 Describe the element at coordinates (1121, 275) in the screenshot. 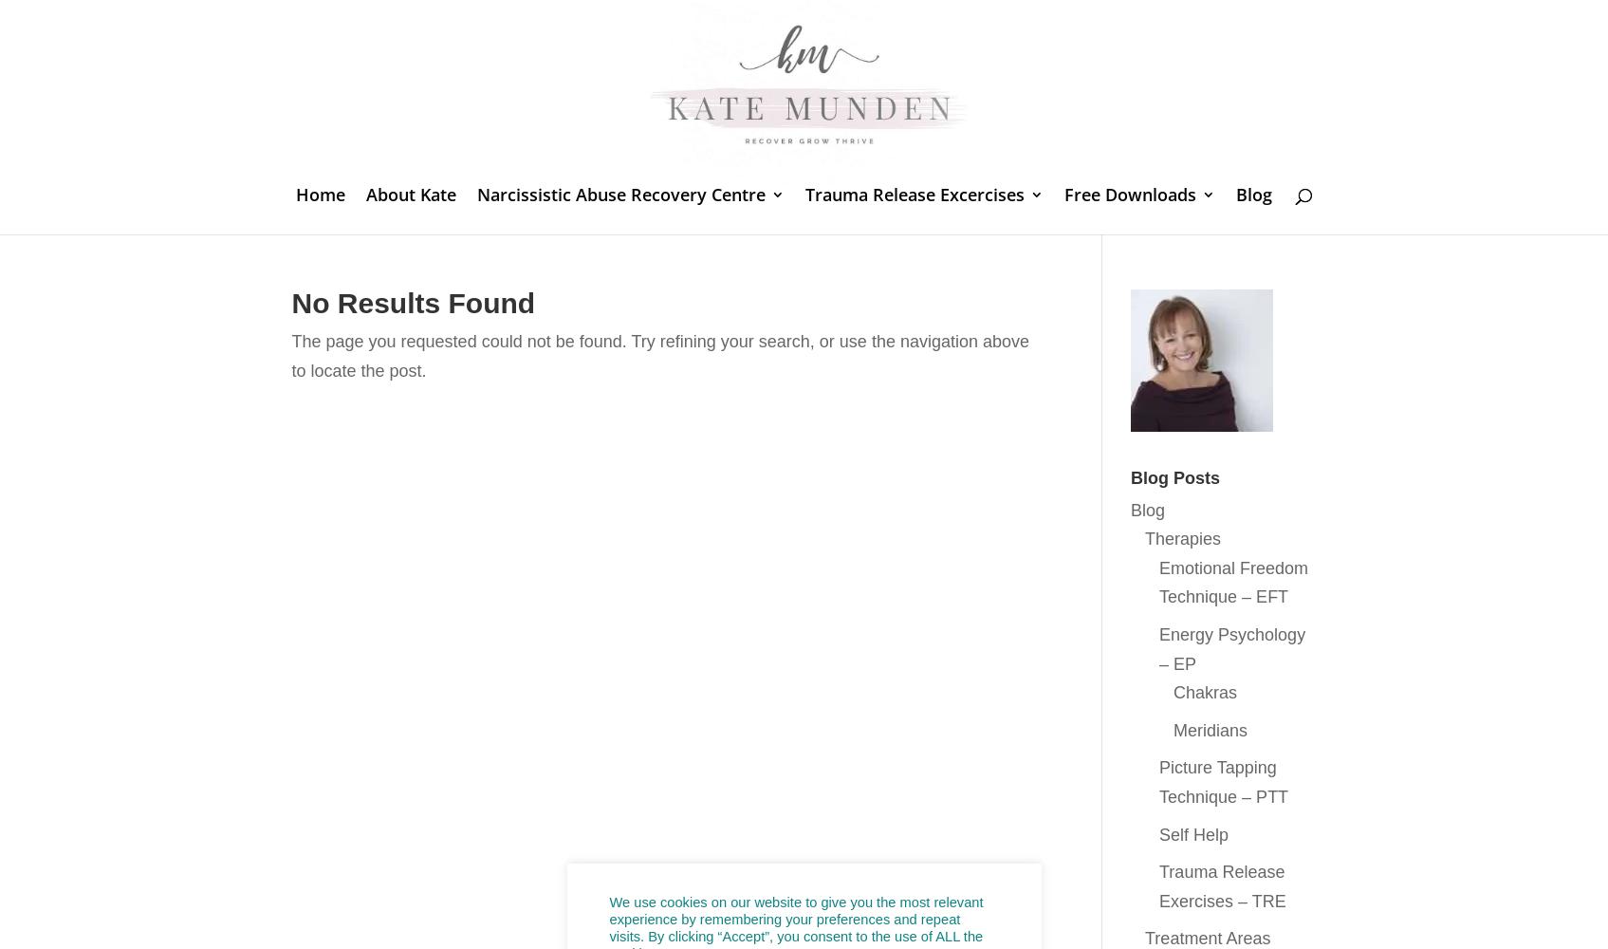

I see `'TRE at home'` at that location.